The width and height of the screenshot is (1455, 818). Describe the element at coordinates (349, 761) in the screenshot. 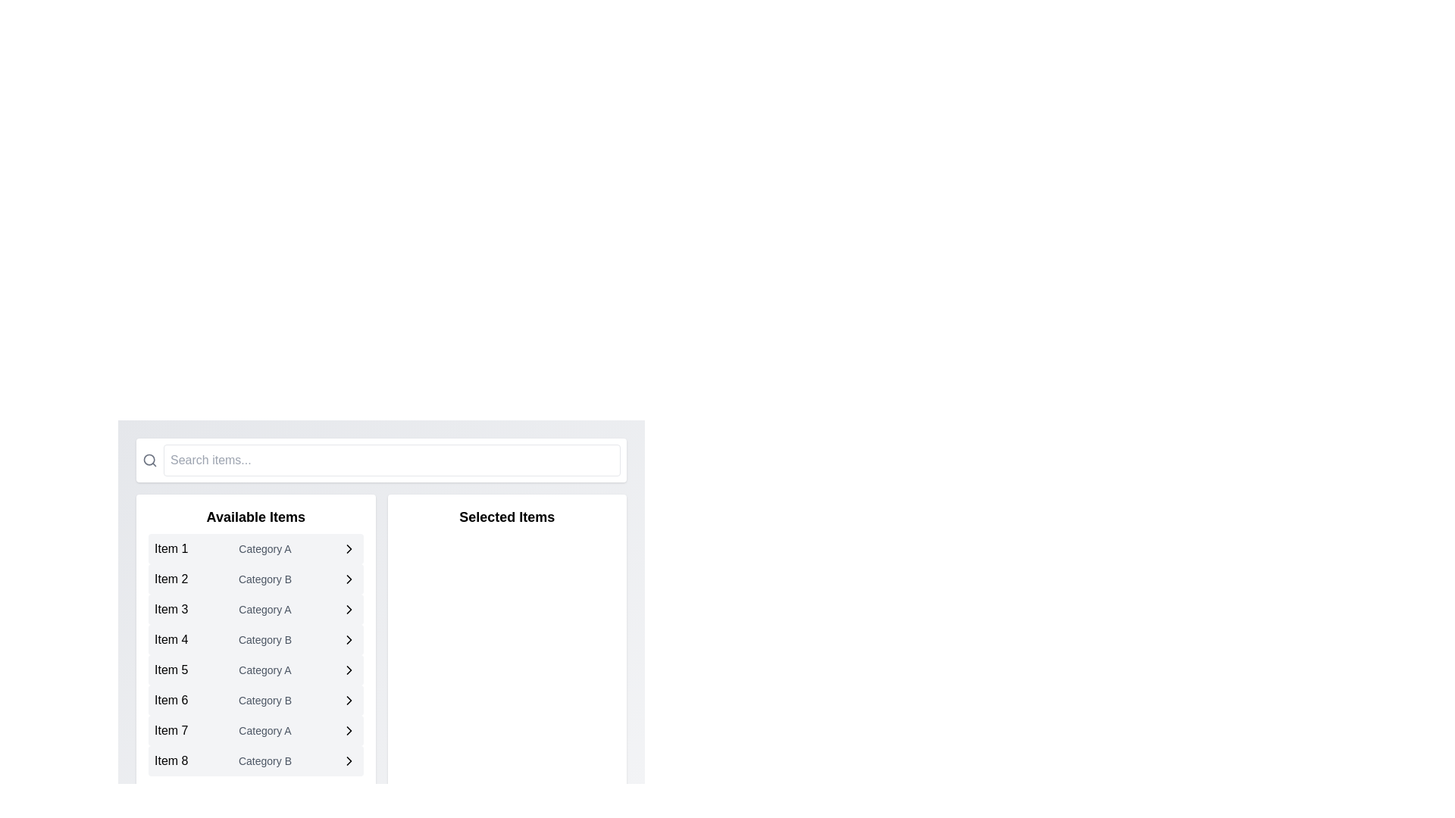

I see `the SVG chevron element located on the right side of the row labeled 'Item 8 Category B' under the 'Available Items' section` at that location.